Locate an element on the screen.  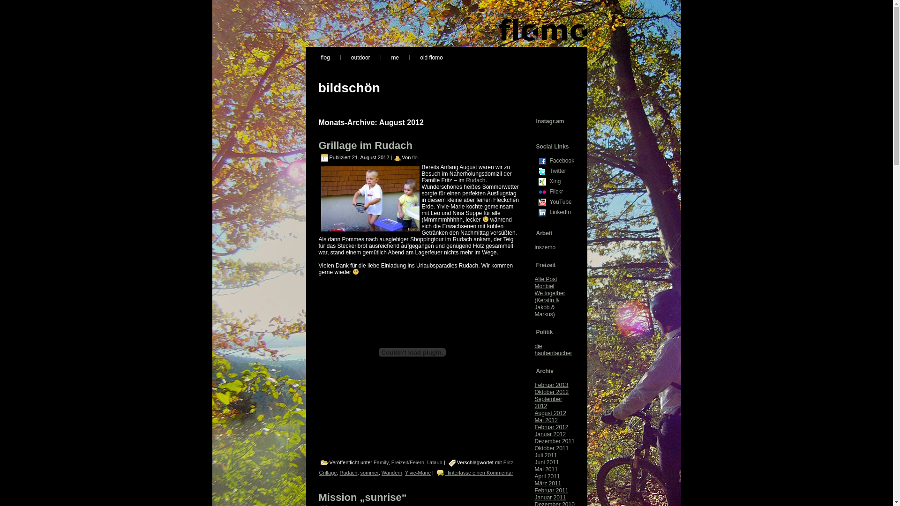
'inszemo' is located at coordinates (534, 247).